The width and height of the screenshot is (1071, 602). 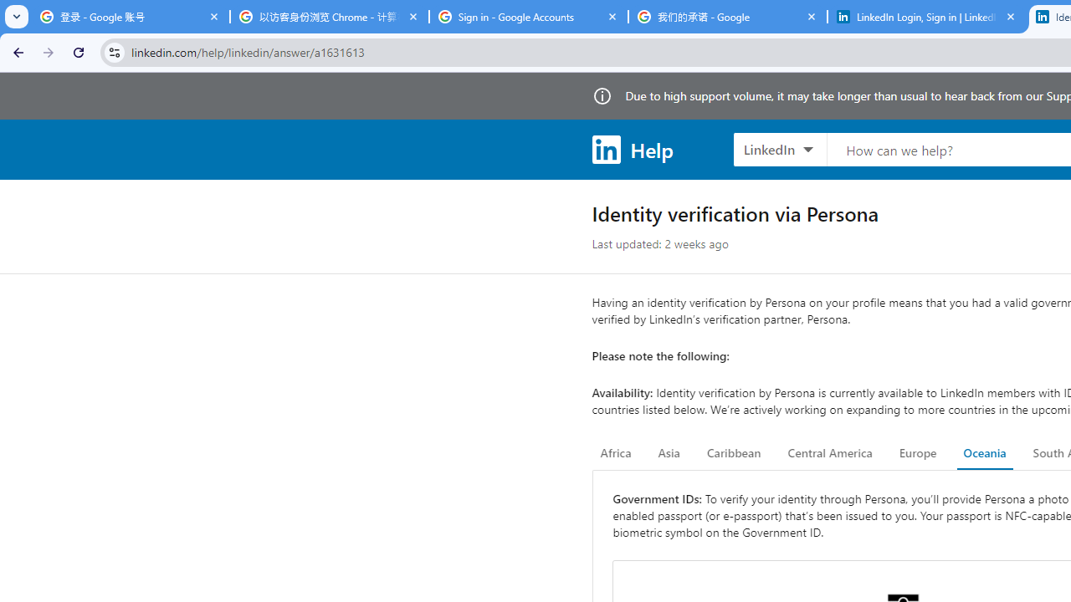 I want to click on 'Europe', so click(x=916, y=453).